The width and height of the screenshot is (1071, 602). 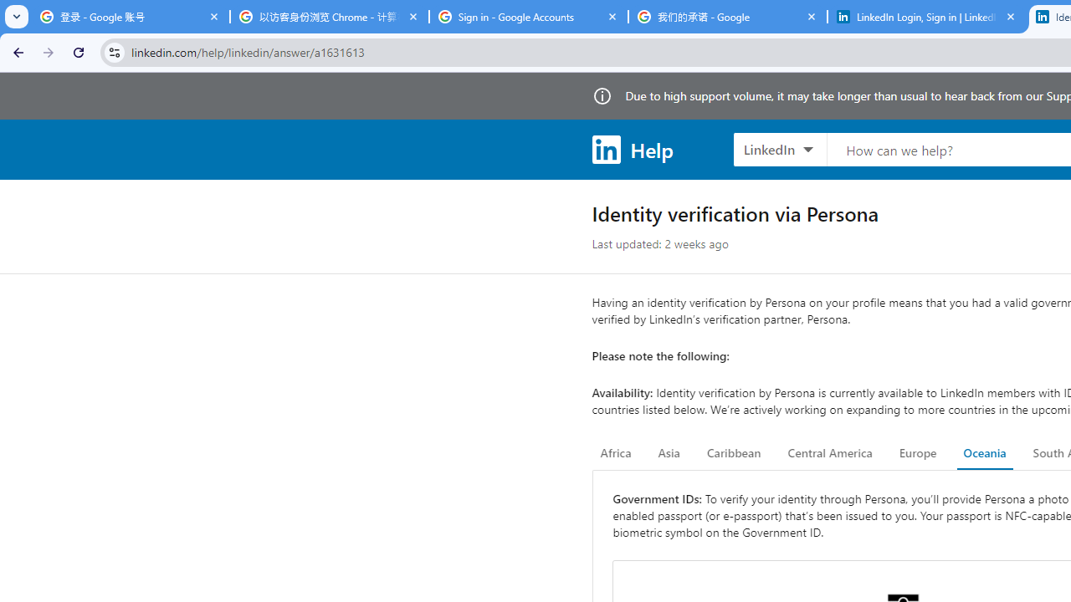 I want to click on 'Europe', so click(x=916, y=453).